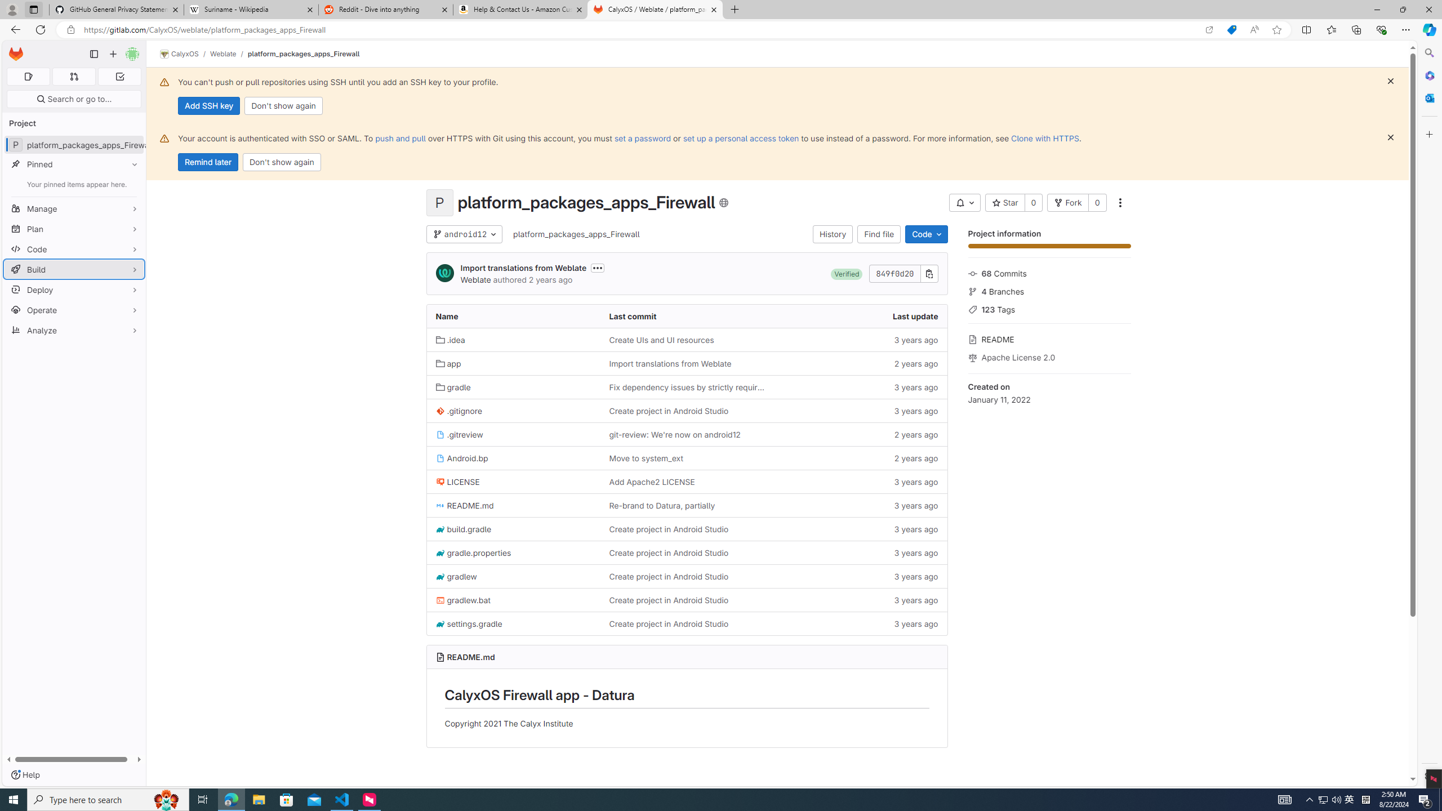 This screenshot has height=811, width=1442. What do you see at coordinates (675, 434) in the screenshot?
I see `'git-review: We'` at bounding box center [675, 434].